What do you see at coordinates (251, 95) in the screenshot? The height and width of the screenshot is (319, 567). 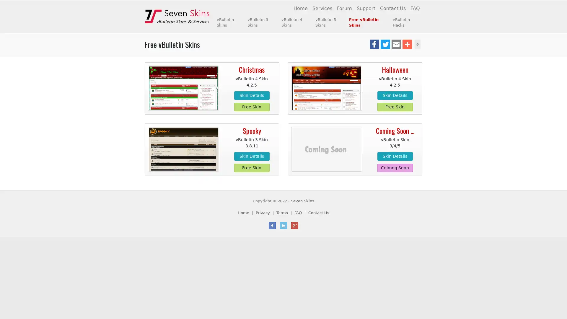 I see `Skin Details` at bounding box center [251, 95].